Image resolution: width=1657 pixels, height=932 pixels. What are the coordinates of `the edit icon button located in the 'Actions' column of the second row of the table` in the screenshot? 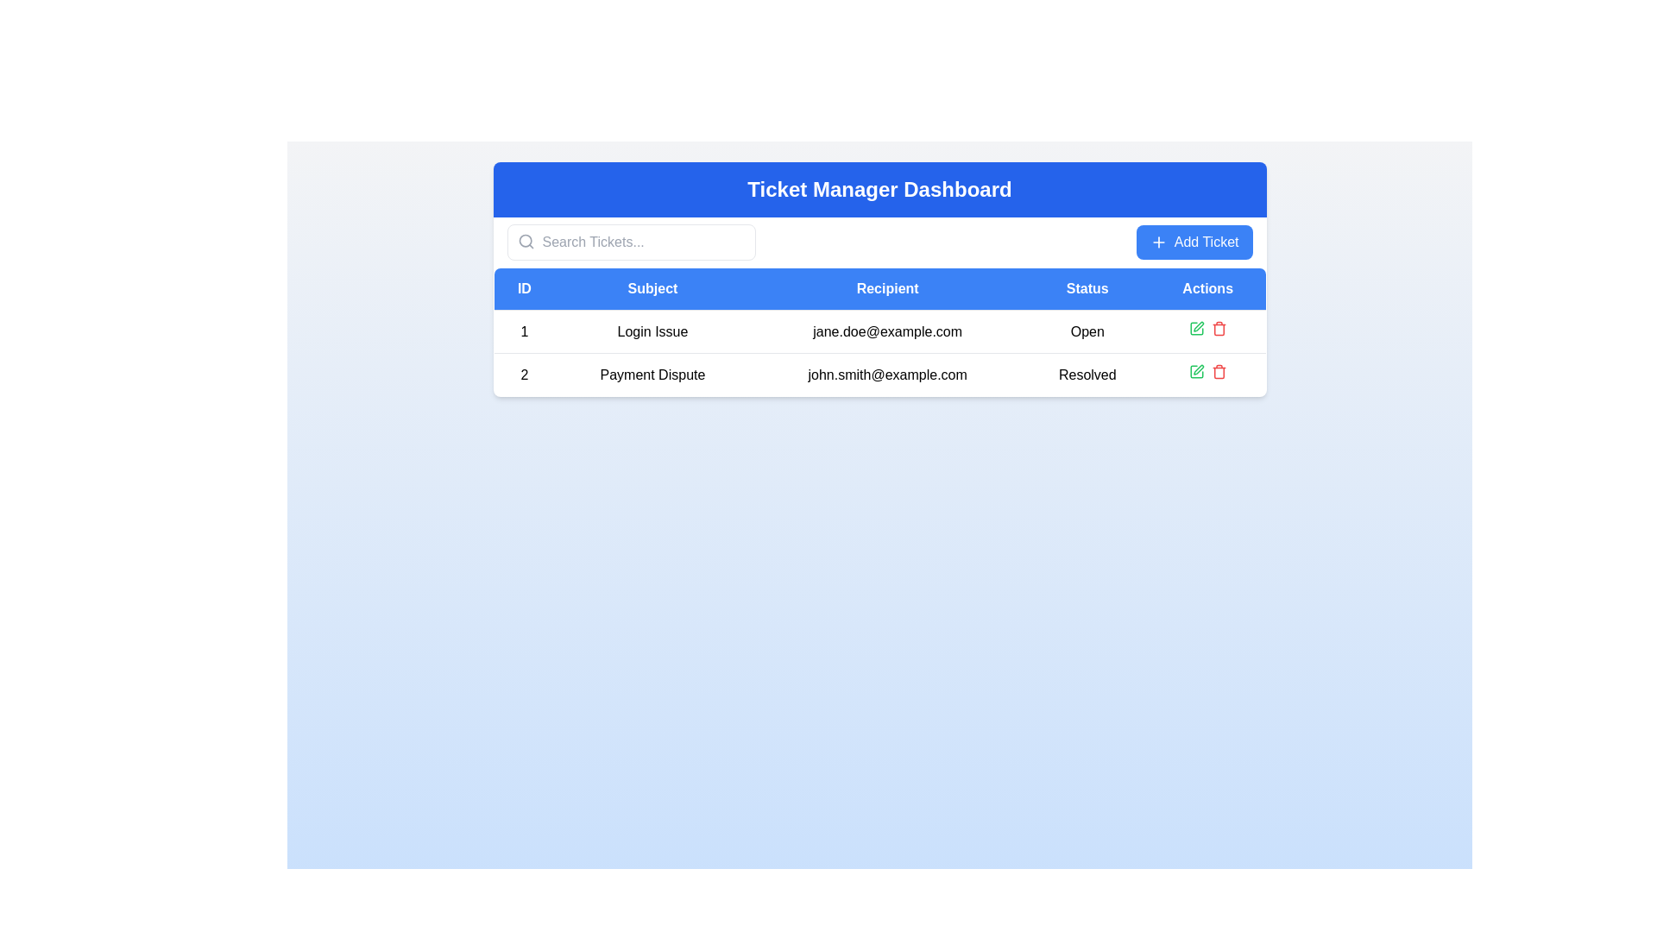 It's located at (1195, 371).